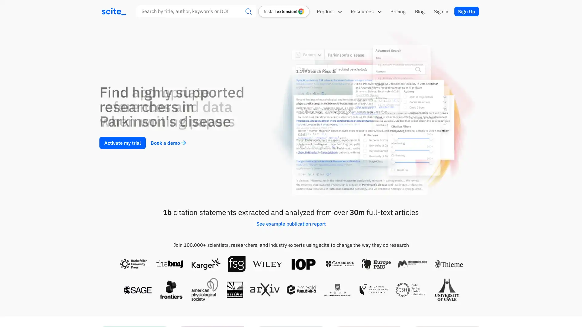 Image resolution: width=582 pixels, height=327 pixels. What do you see at coordinates (169, 143) in the screenshot?
I see `Book a demo` at bounding box center [169, 143].